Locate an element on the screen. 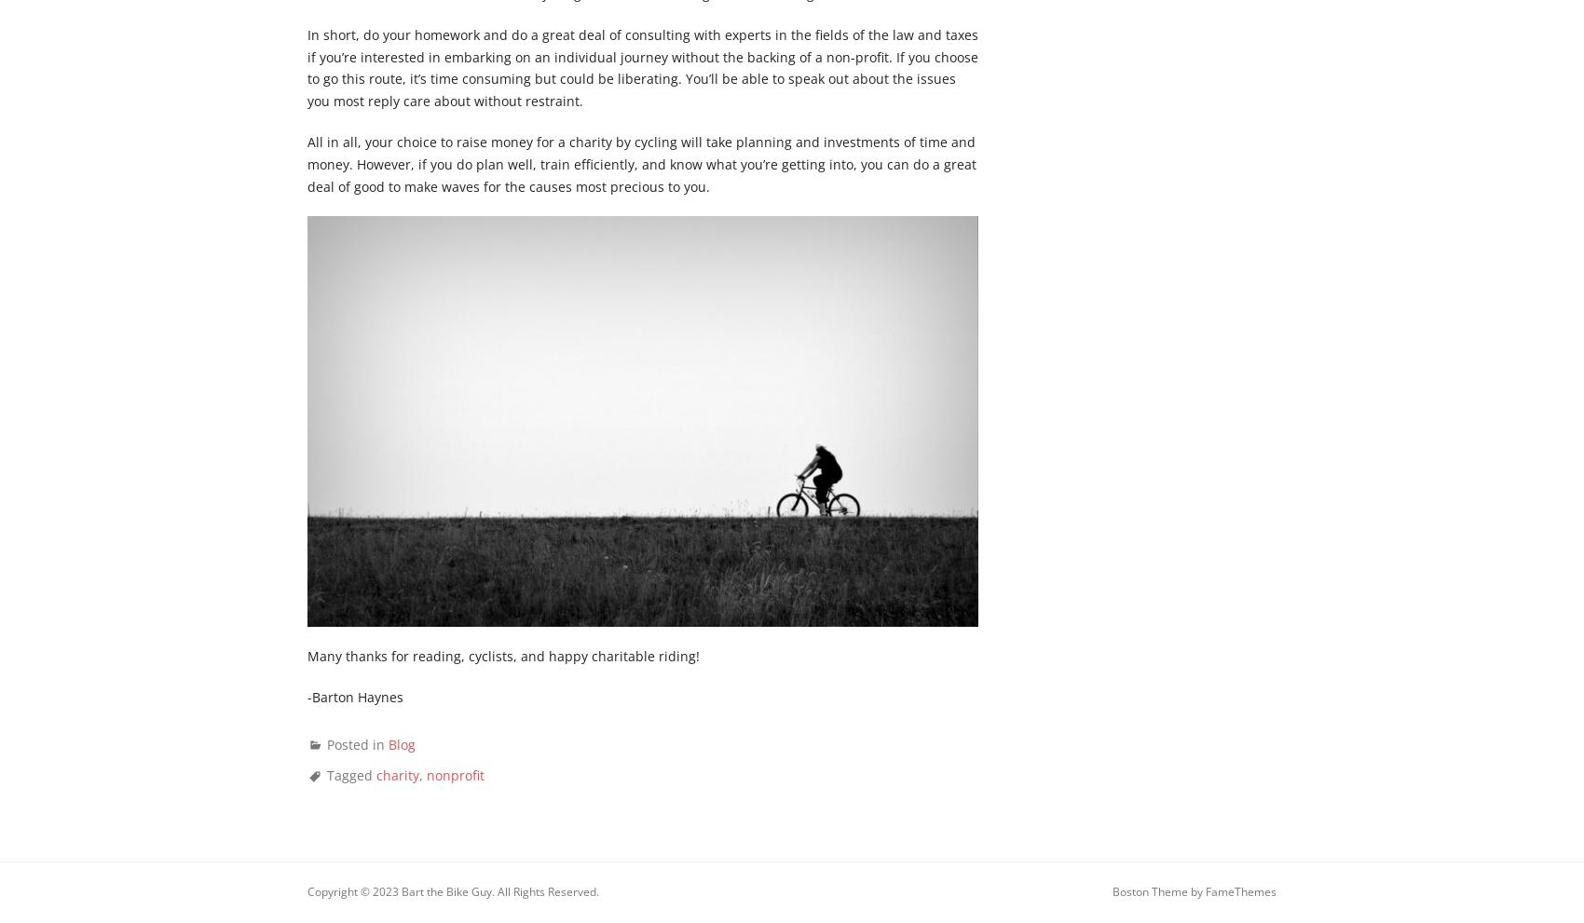 The width and height of the screenshot is (1584, 923). 'FameThemes' is located at coordinates (1206, 891).